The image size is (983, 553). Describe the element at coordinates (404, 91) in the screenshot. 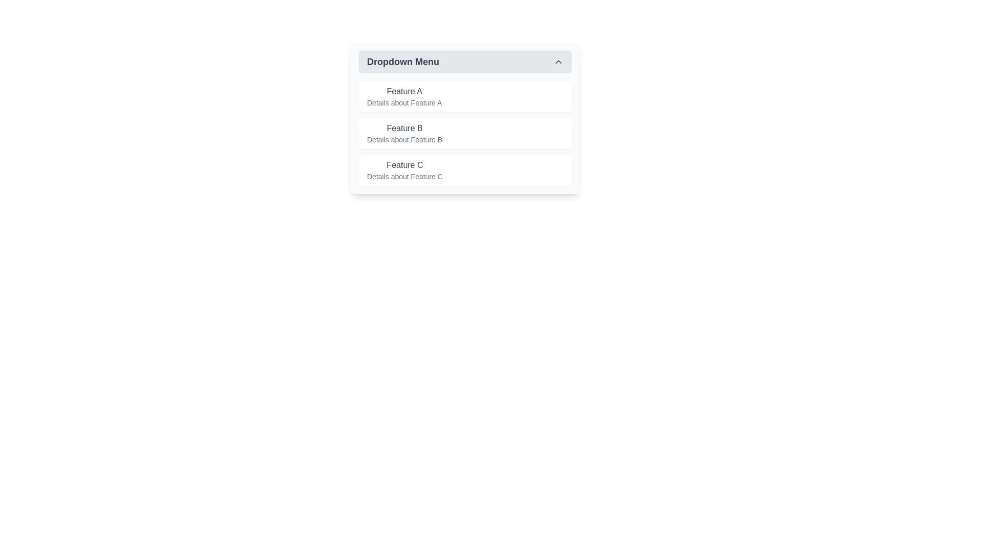

I see `the Text label displaying 'Feature A' located at the top-left of the dropdown card containing a list of features` at that location.